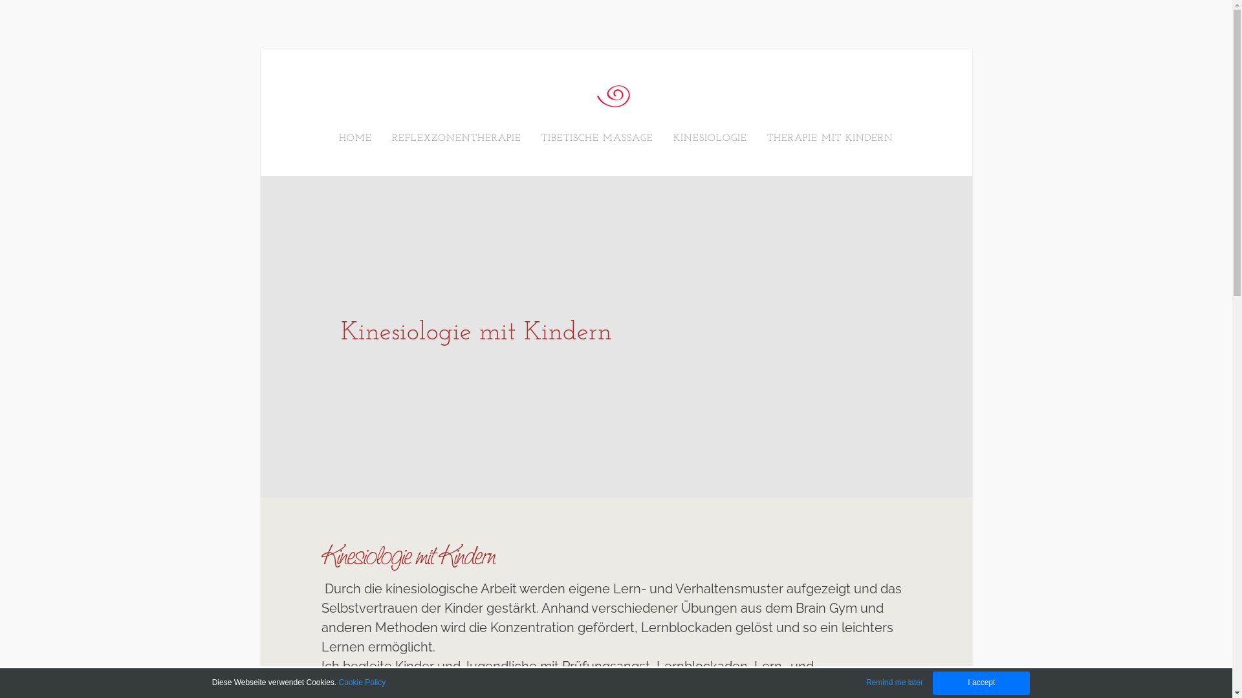 The height and width of the screenshot is (698, 1242). I want to click on 'KINESIOLOGIE', so click(710, 138).